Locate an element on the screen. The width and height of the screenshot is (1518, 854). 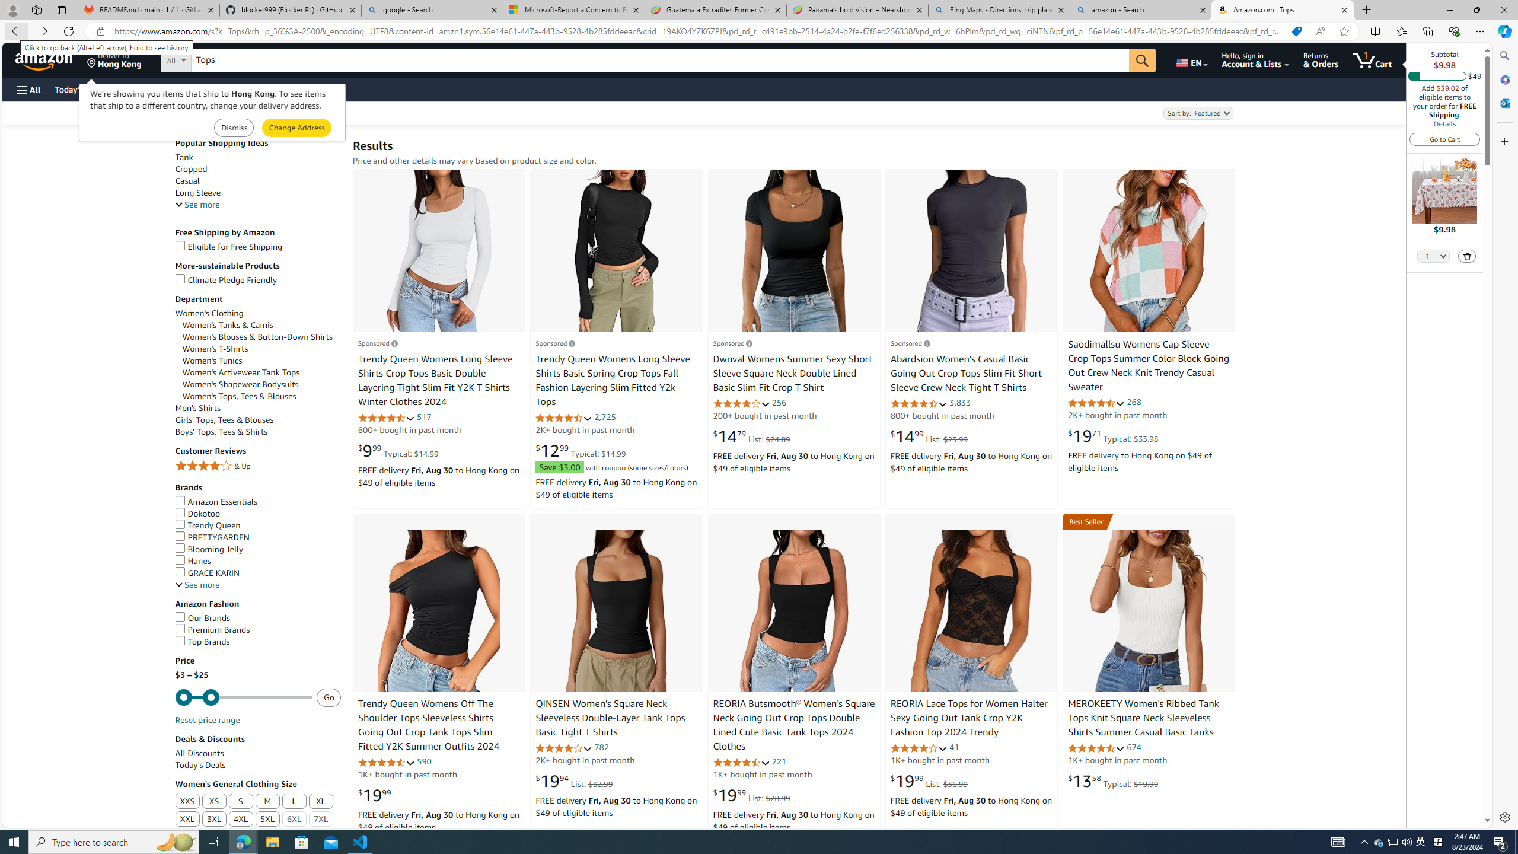
'7XL' is located at coordinates (321, 820).